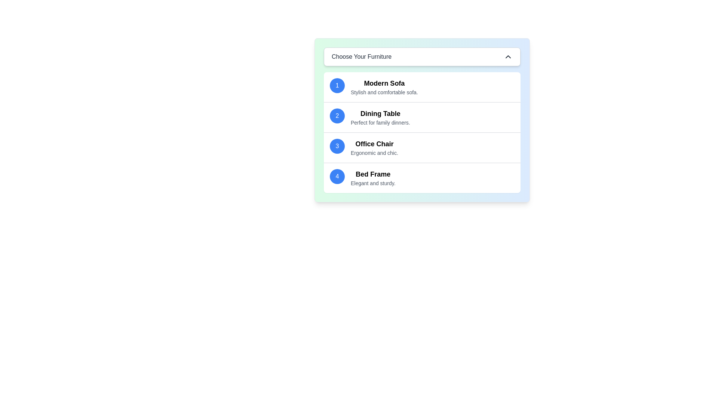 The image size is (718, 404). What do you see at coordinates (337, 85) in the screenshot?
I see `the circular indicator button located to the left of the text 'Modern Sofa' in the furniture items list to interact with the corresponding list item` at bounding box center [337, 85].